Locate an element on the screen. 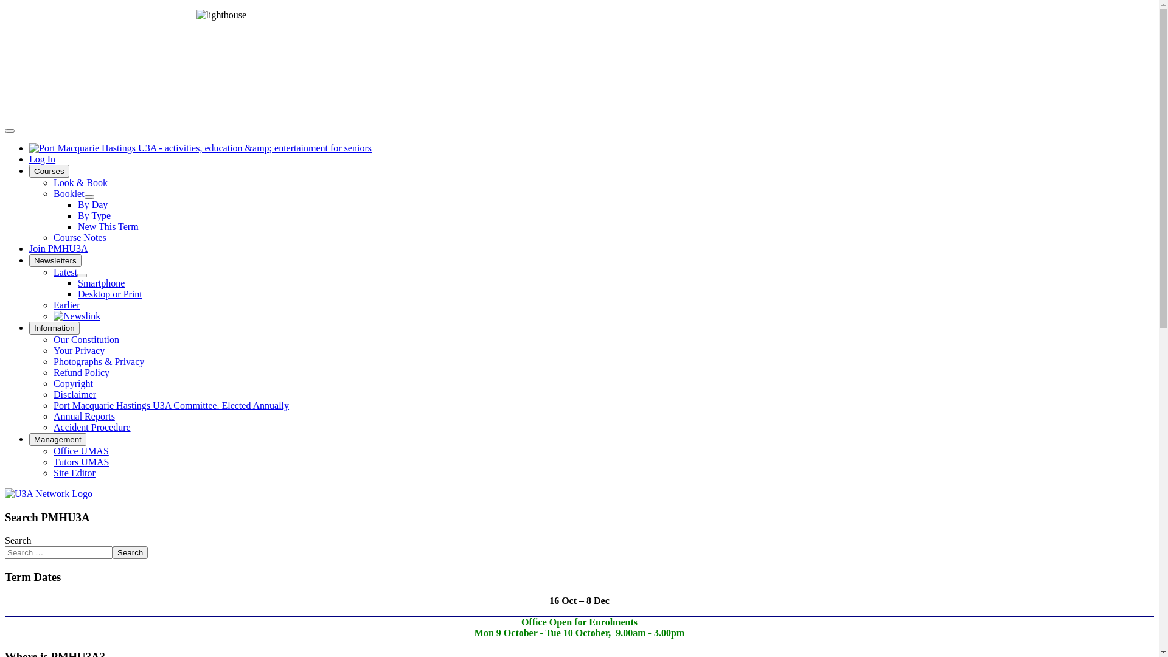 Image resolution: width=1168 pixels, height=657 pixels. 'Tutors UMAS' is located at coordinates (80, 462).